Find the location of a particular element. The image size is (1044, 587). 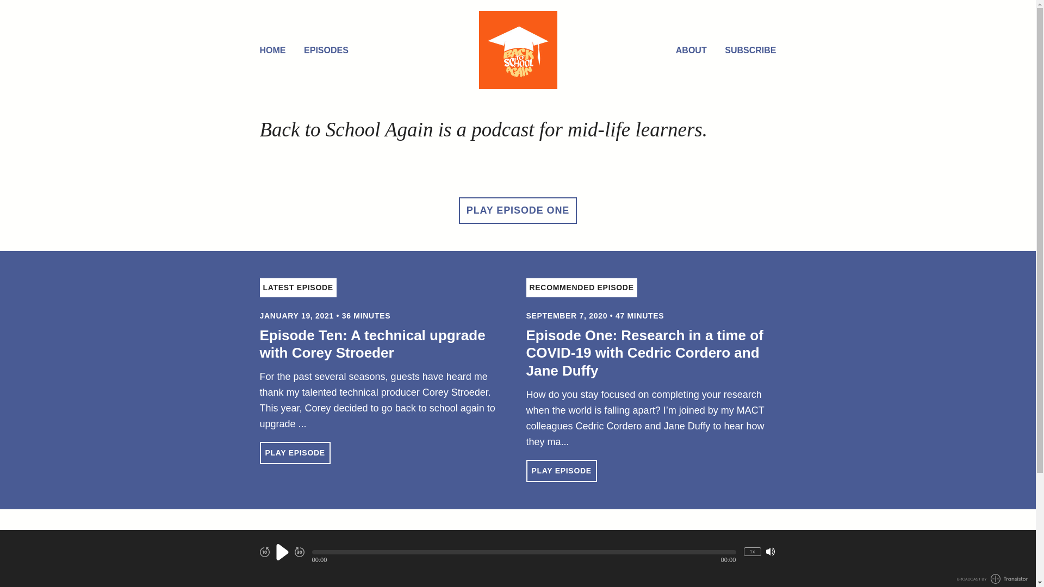

'Facebook' is located at coordinates (524, 558).